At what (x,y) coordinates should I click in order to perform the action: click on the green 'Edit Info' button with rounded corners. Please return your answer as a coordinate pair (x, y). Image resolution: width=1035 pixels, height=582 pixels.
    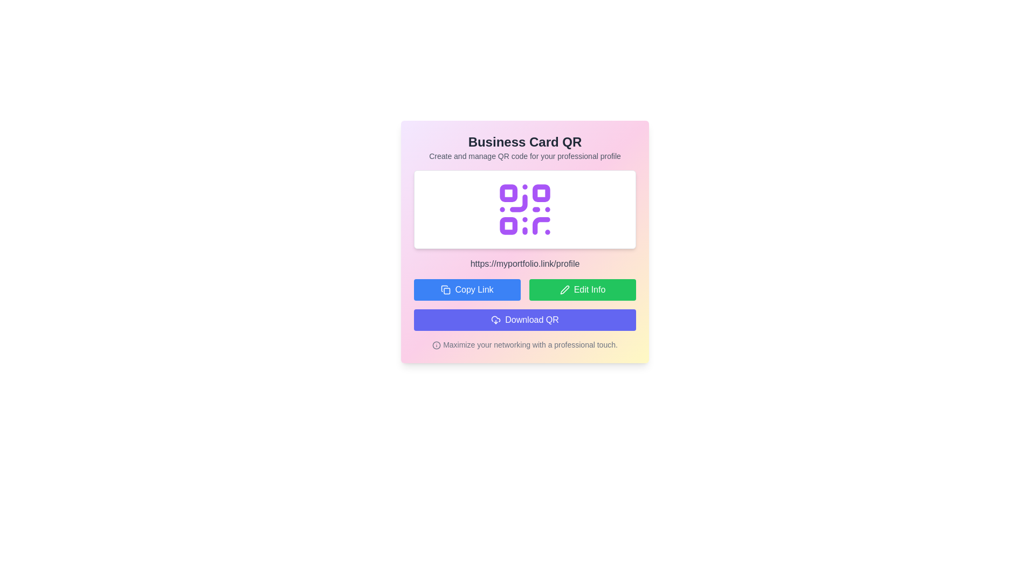
    Looking at the image, I should click on (582, 289).